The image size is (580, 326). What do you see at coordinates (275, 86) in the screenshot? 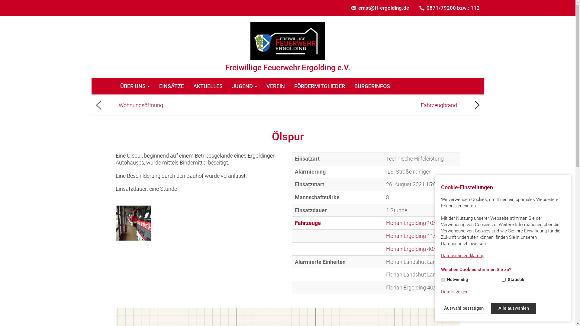
I see `'VEREIN'` at bounding box center [275, 86].